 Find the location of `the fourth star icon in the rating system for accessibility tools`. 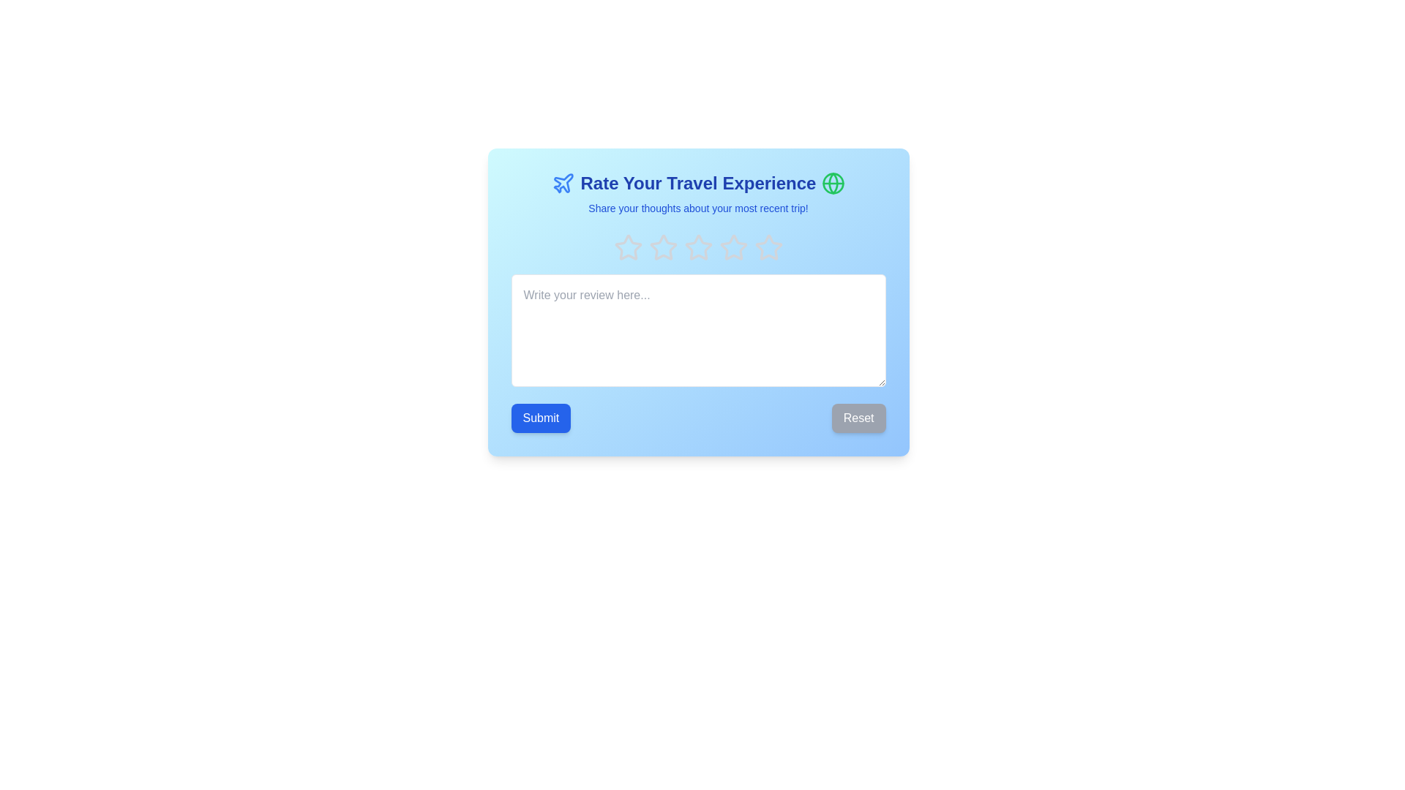

the fourth star icon in the rating system for accessibility tools is located at coordinates (768, 247).